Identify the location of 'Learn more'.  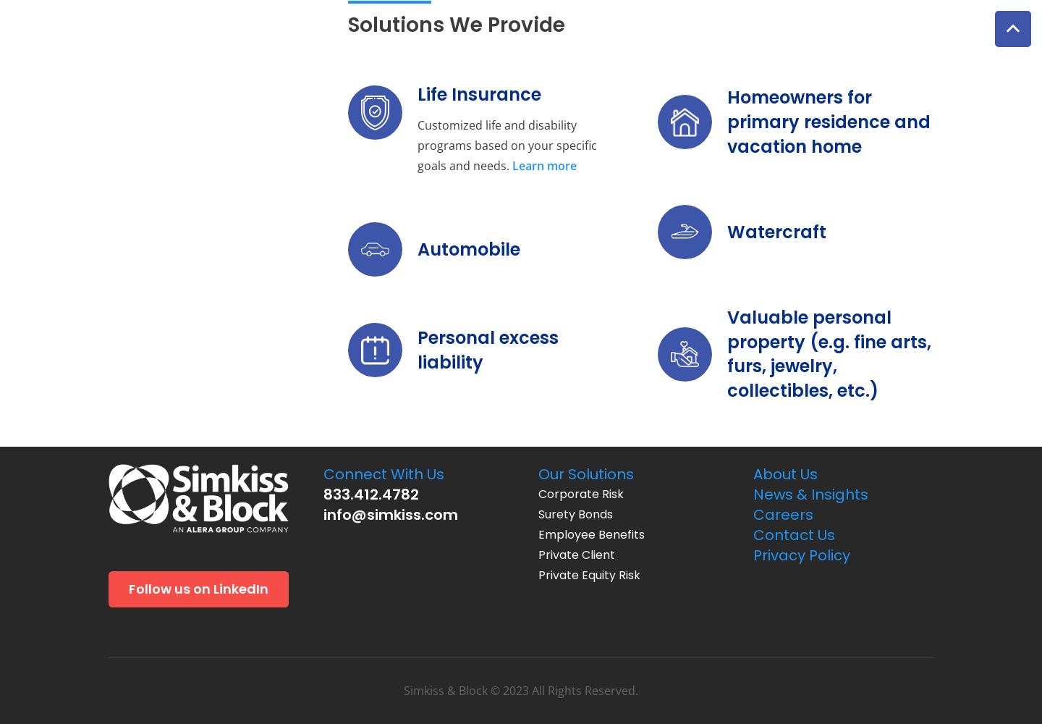
(543, 165).